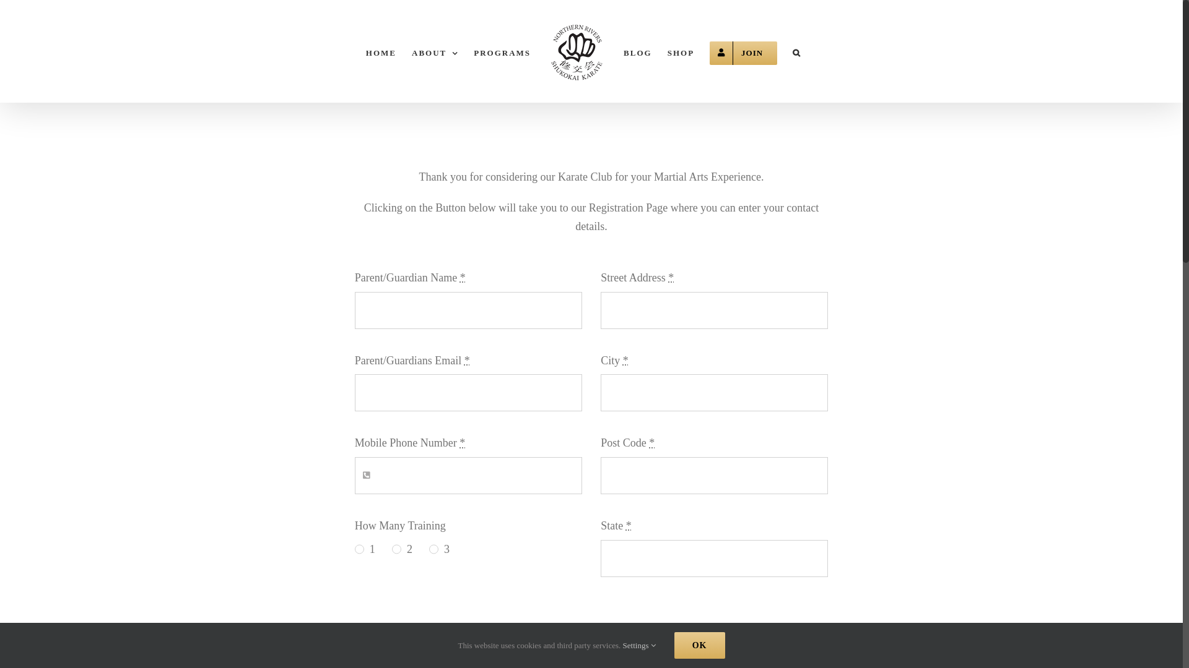  I want to click on 'Settings', so click(639, 644).